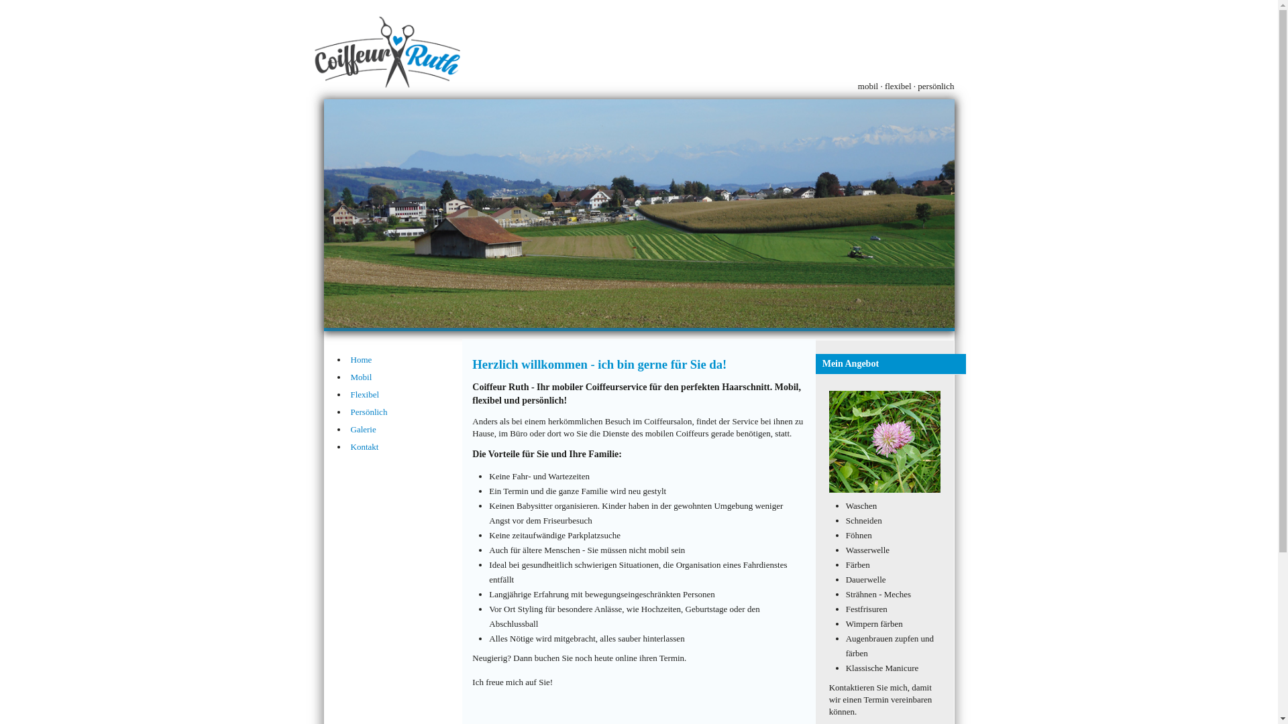 The height and width of the screenshot is (724, 1288). Describe the element at coordinates (405, 394) in the screenshot. I see `'Flexibel'` at that location.